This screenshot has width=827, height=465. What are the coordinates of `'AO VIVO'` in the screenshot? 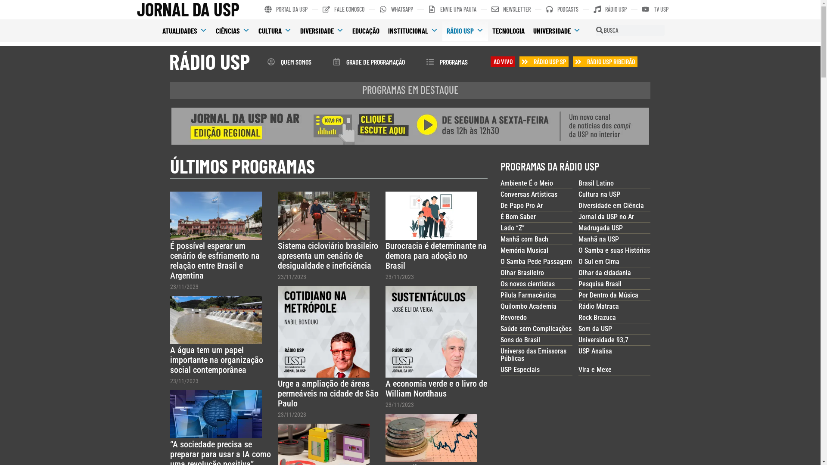 It's located at (503, 61).